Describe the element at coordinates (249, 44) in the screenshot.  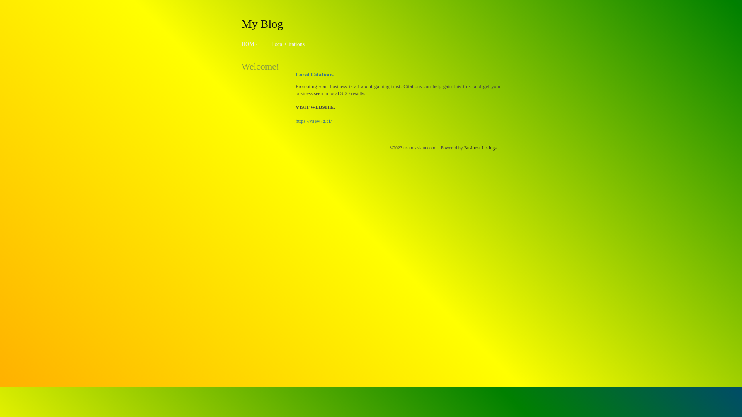
I see `'HOME'` at that location.